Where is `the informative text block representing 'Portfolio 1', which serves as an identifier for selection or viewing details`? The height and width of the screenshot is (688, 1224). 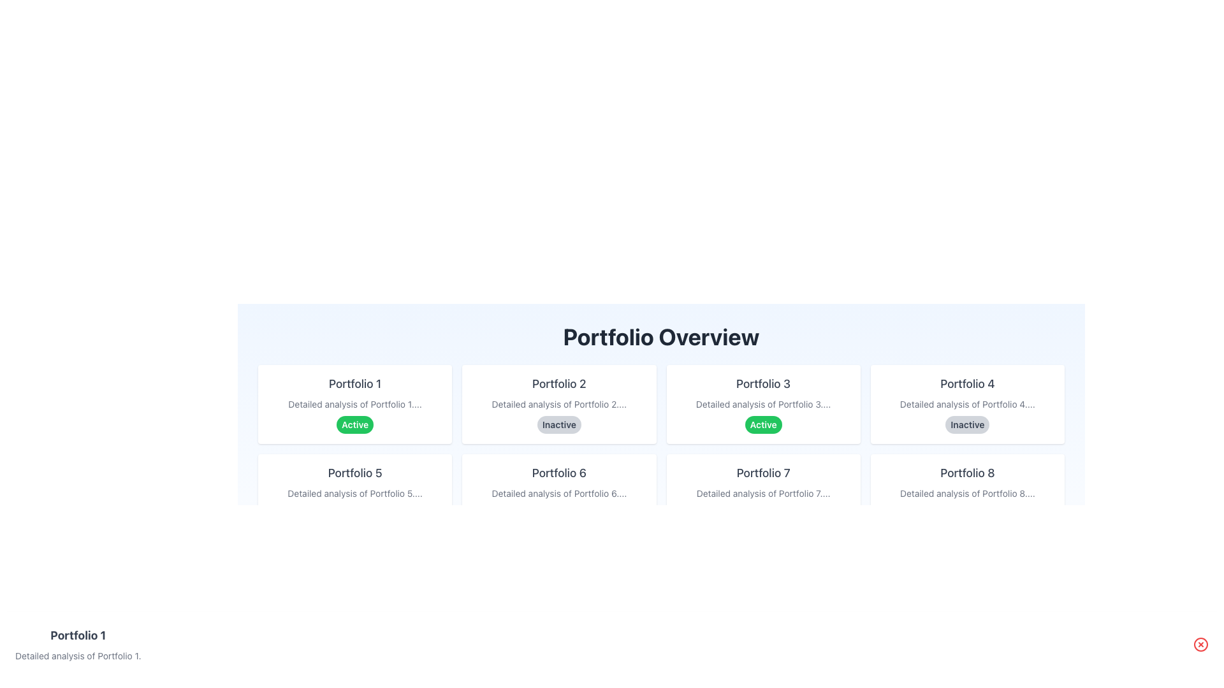
the informative text block representing 'Portfolio 1', which serves as an identifier for selection or viewing details is located at coordinates (77, 644).